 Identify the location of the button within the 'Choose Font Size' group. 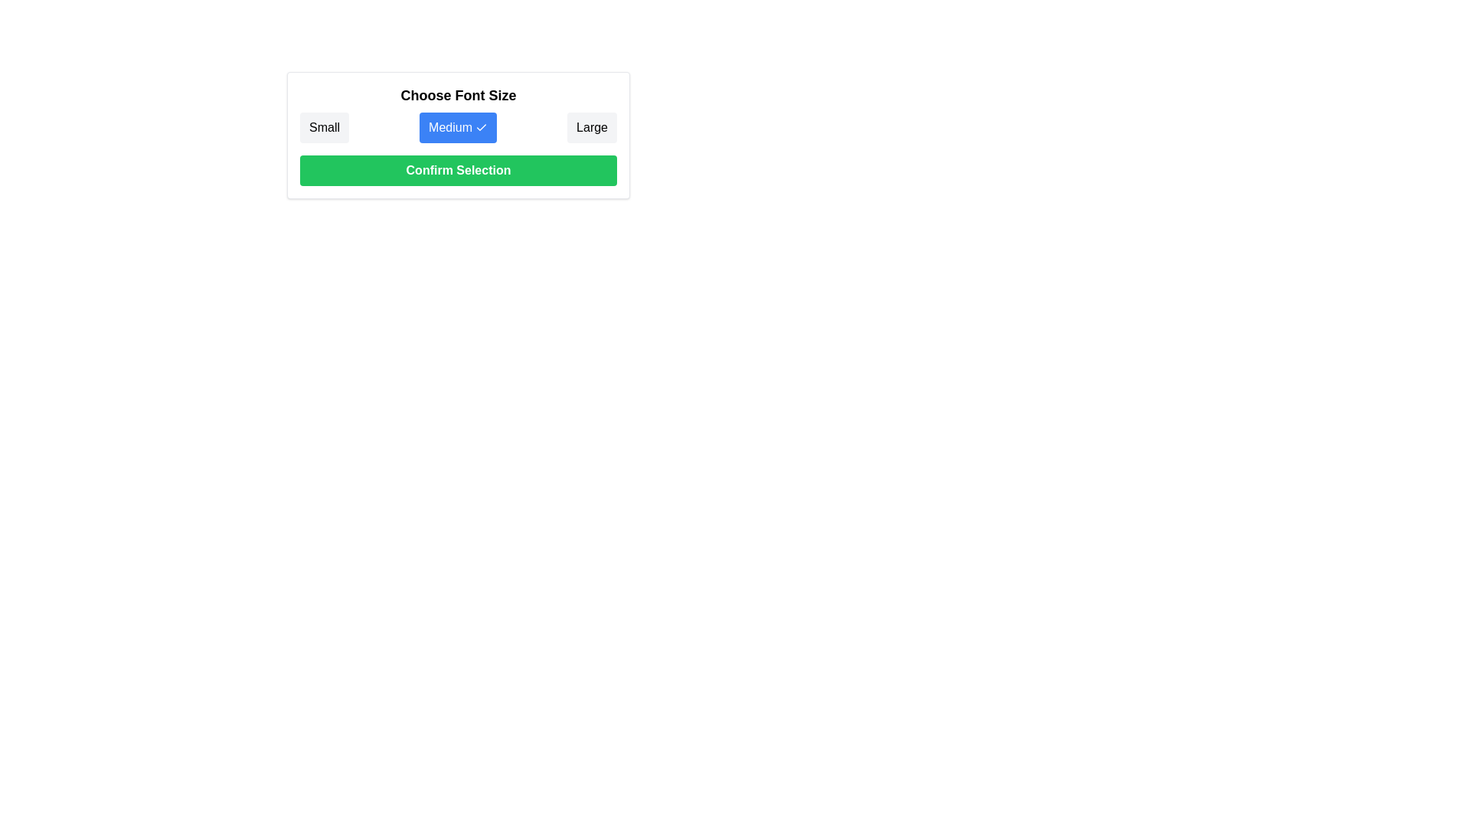
(458, 126).